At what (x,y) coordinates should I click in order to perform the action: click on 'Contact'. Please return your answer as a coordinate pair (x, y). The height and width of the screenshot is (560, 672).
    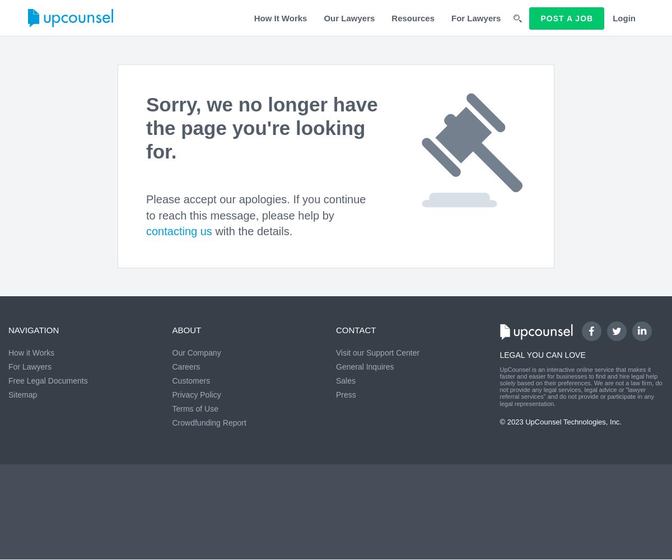
    Looking at the image, I should click on (356, 329).